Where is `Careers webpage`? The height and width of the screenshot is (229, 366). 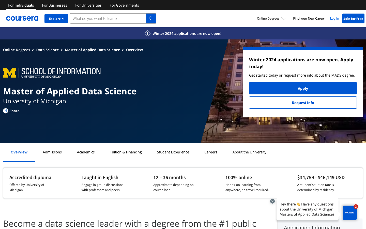 Careers webpage is located at coordinates (211, 152).